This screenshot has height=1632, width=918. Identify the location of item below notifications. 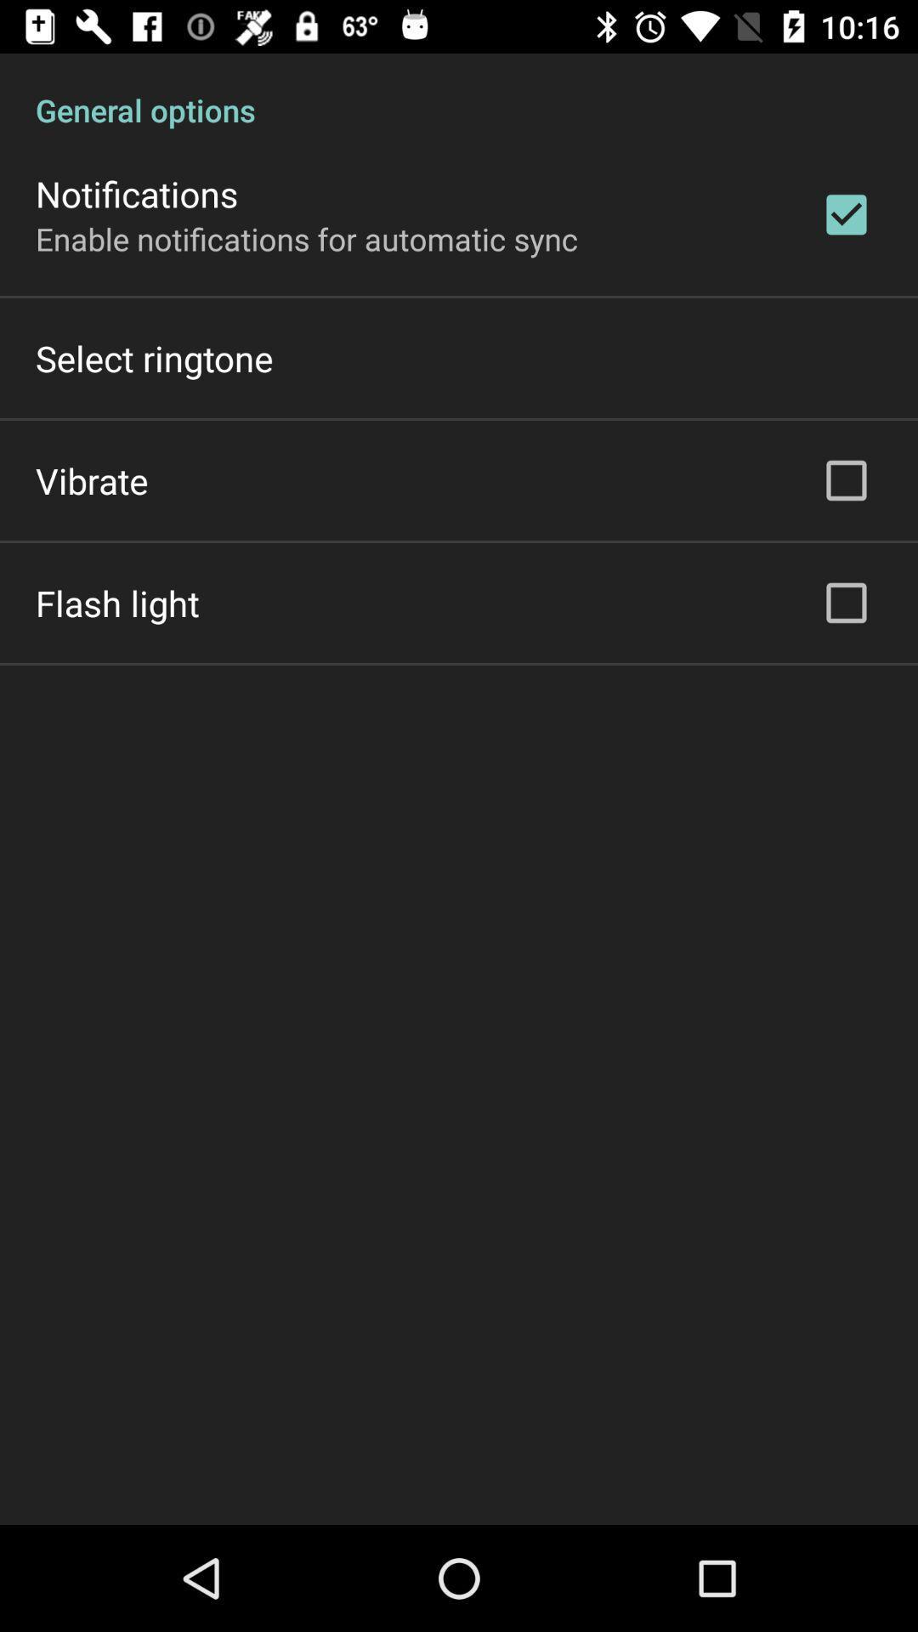
(307, 238).